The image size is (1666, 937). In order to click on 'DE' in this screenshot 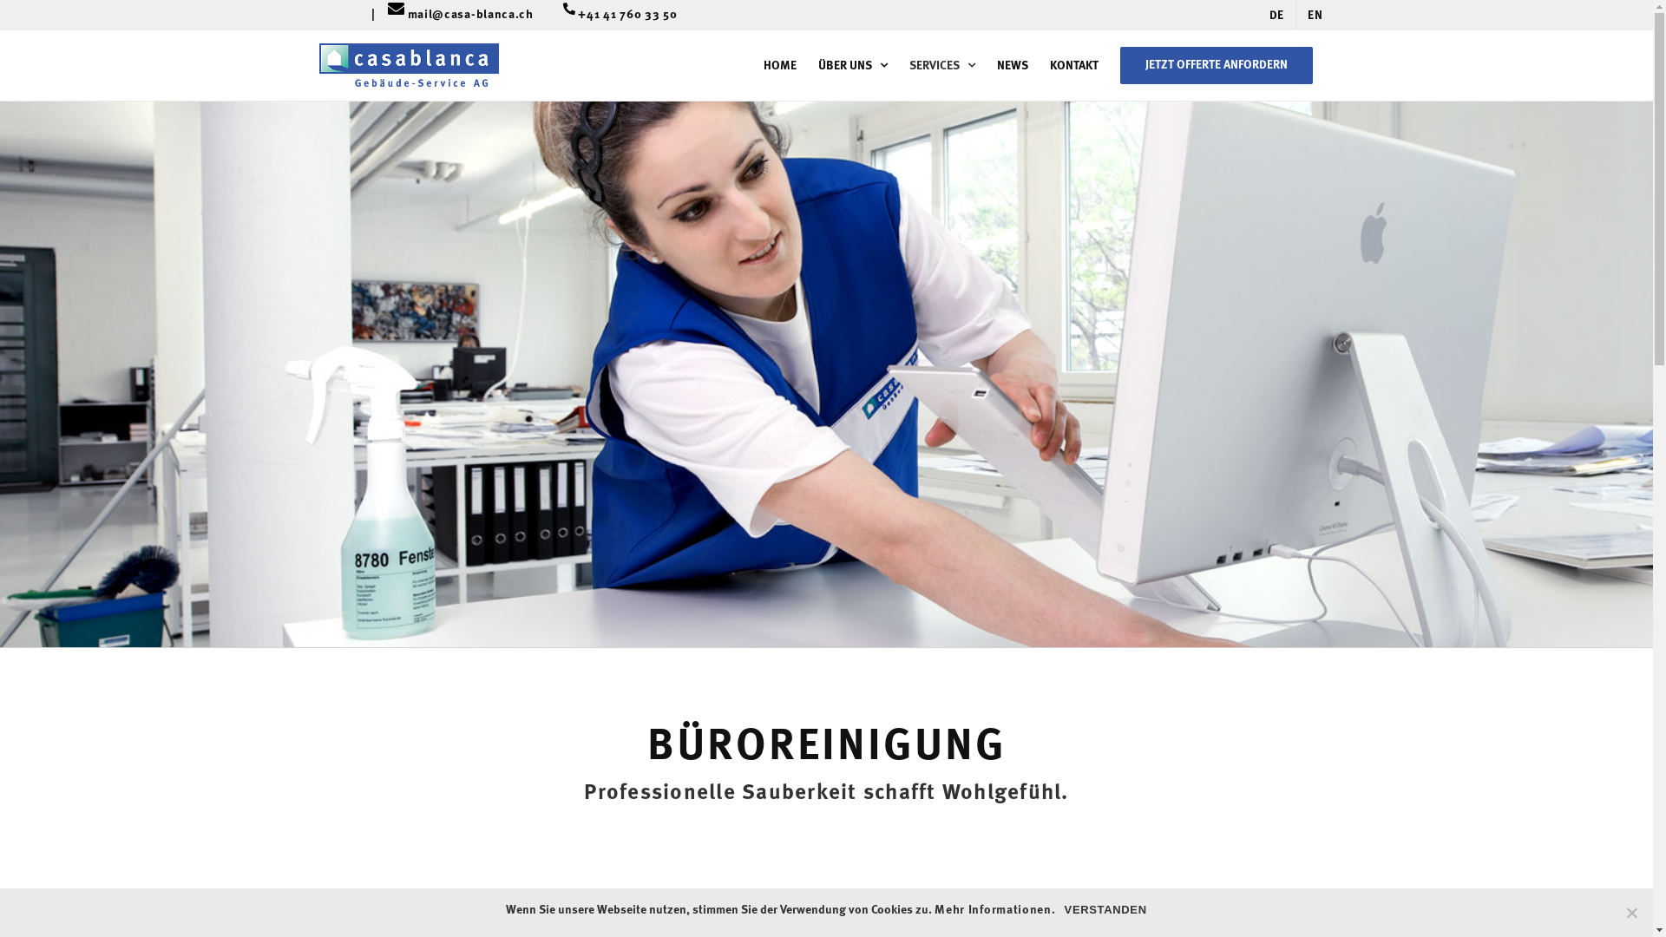, I will do `click(1276, 15)`.